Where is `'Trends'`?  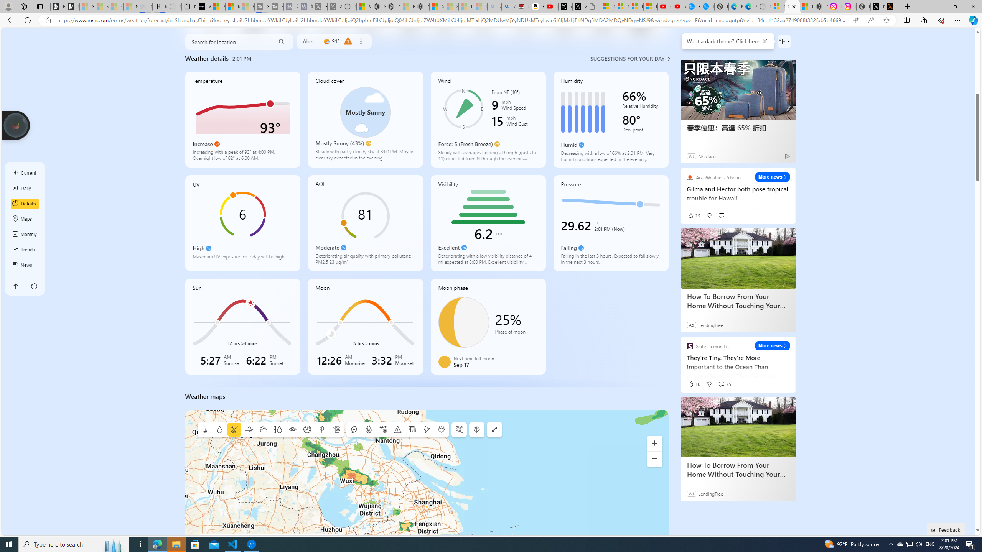
'Trends' is located at coordinates (25, 250).